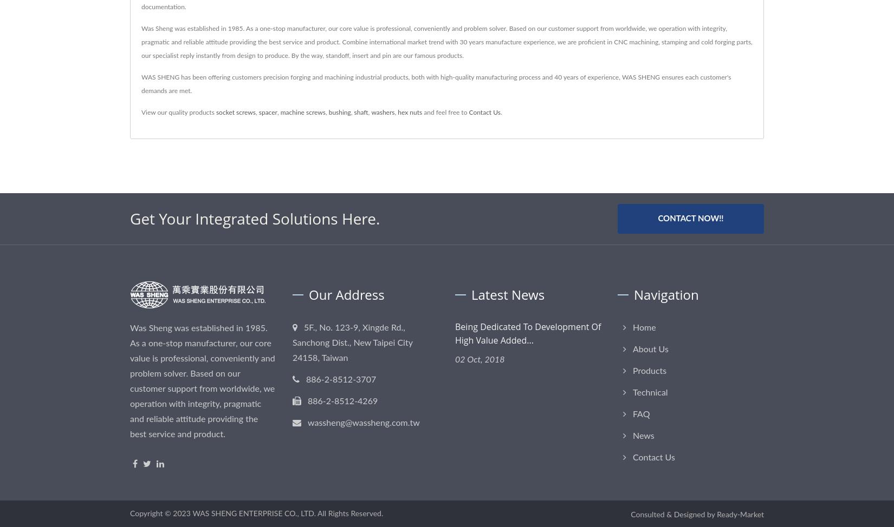 The height and width of the screenshot is (527, 894). What do you see at coordinates (360, 113) in the screenshot?
I see `'shaft'` at bounding box center [360, 113].